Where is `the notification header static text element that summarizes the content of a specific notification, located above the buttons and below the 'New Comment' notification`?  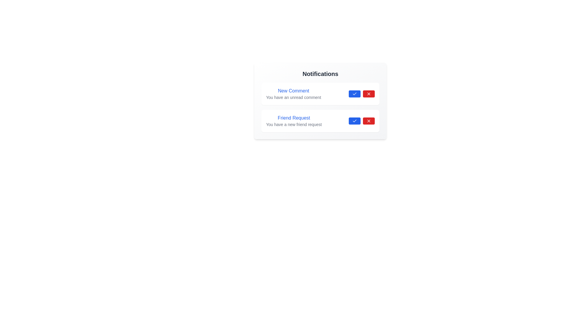
the notification header static text element that summarizes the content of a specific notification, located above the buttons and below the 'New Comment' notification is located at coordinates (294, 118).